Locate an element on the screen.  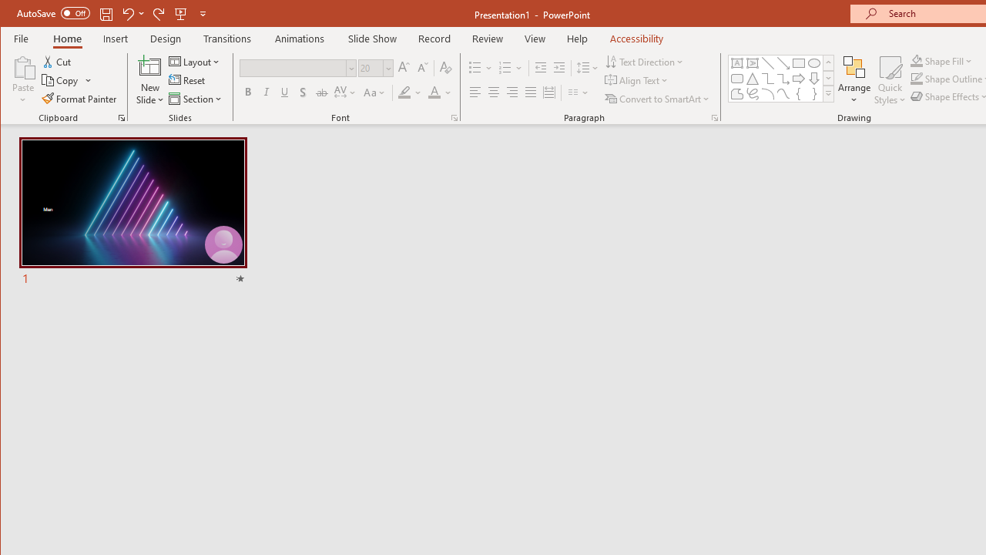
'Shapes' is located at coordinates (827, 94).